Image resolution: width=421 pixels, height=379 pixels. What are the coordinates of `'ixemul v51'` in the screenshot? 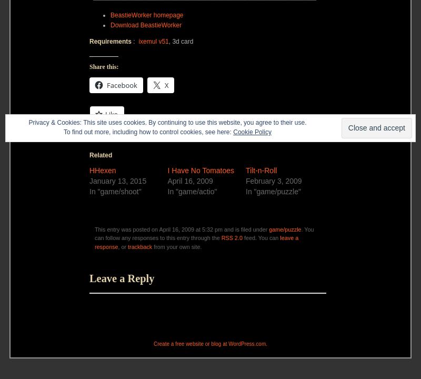 It's located at (153, 41).